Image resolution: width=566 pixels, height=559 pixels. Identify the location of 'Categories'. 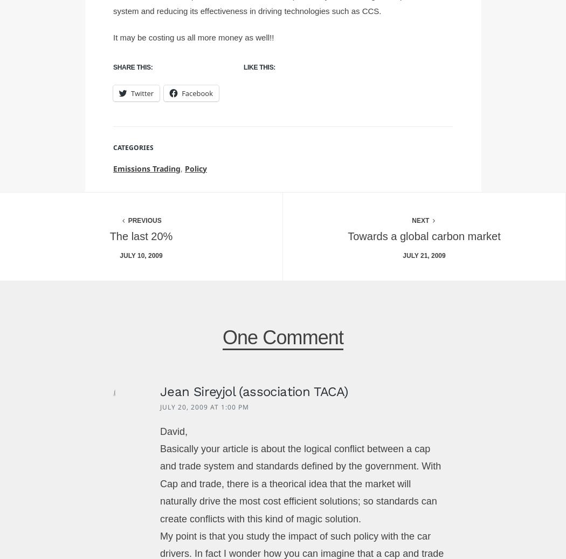
(133, 147).